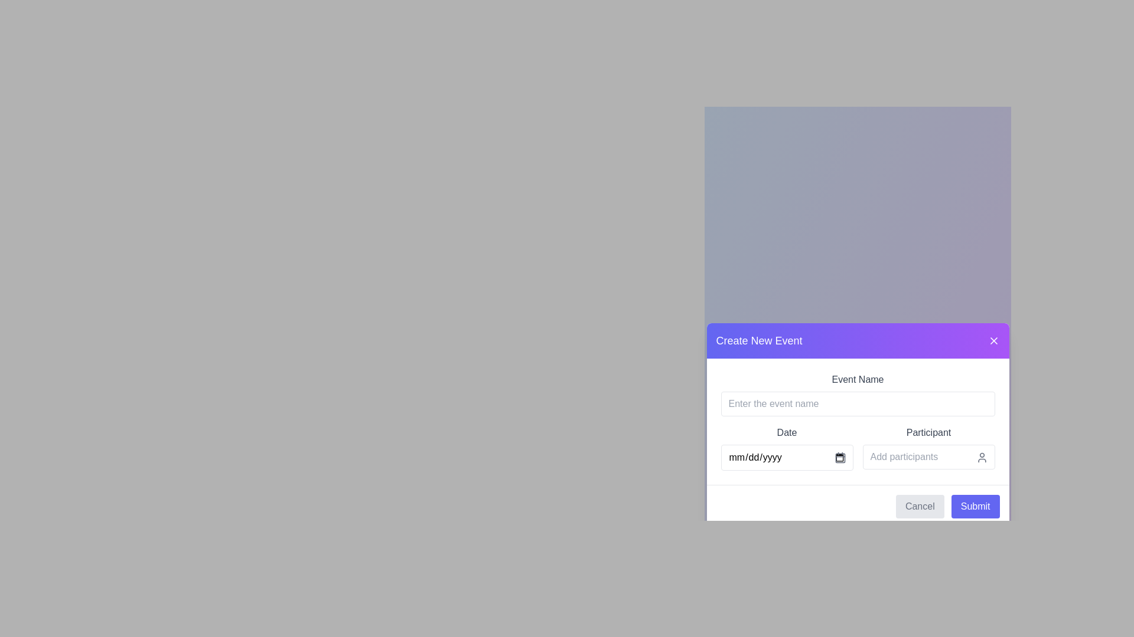  I want to click on the 'Cancel' button, which is a rectangular button with a light gray background and darker gray 'Cancel' text, located in the modal dialog titled 'Create New Event.', so click(919, 505).